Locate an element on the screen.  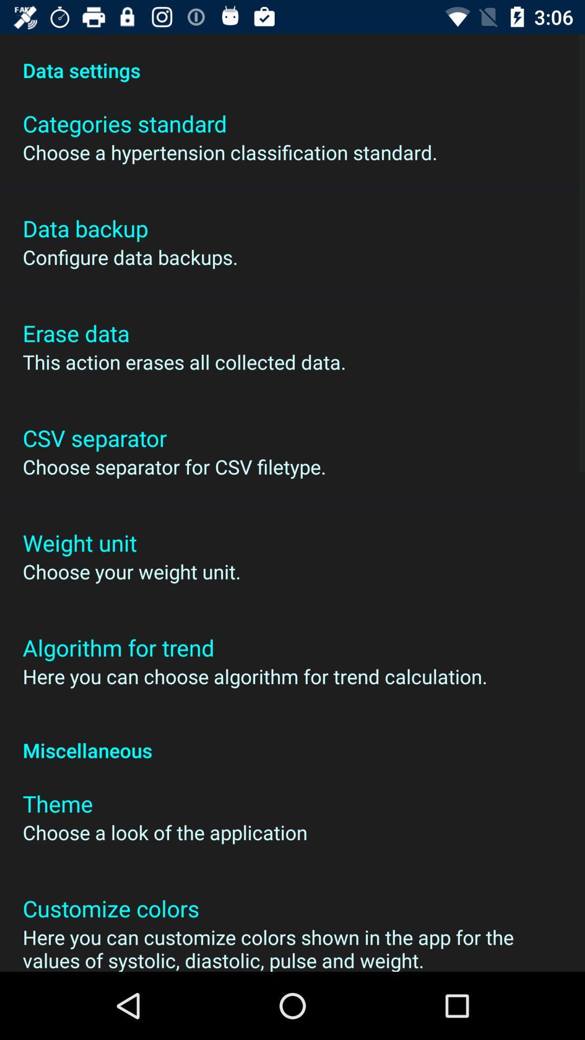
choose your weight icon is located at coordinates (131, 571).